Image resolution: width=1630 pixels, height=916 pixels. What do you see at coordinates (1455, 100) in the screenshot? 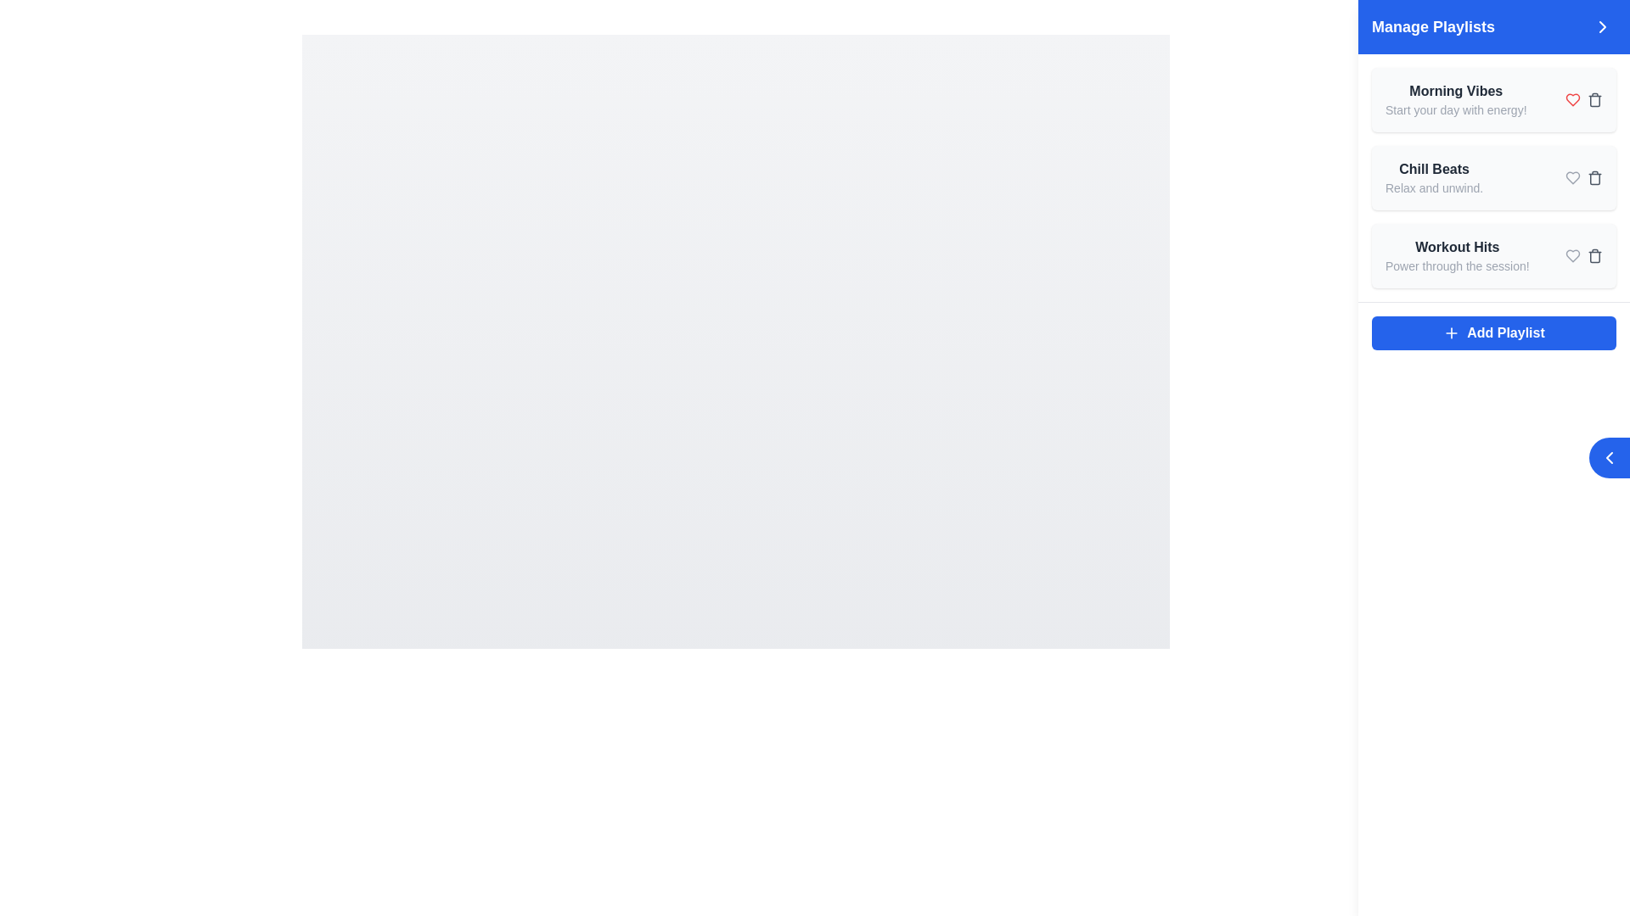
I see `the 'Morning Vibes' playlist item in the 'Manage Playlists' section` at bounding box center [1455, 100].